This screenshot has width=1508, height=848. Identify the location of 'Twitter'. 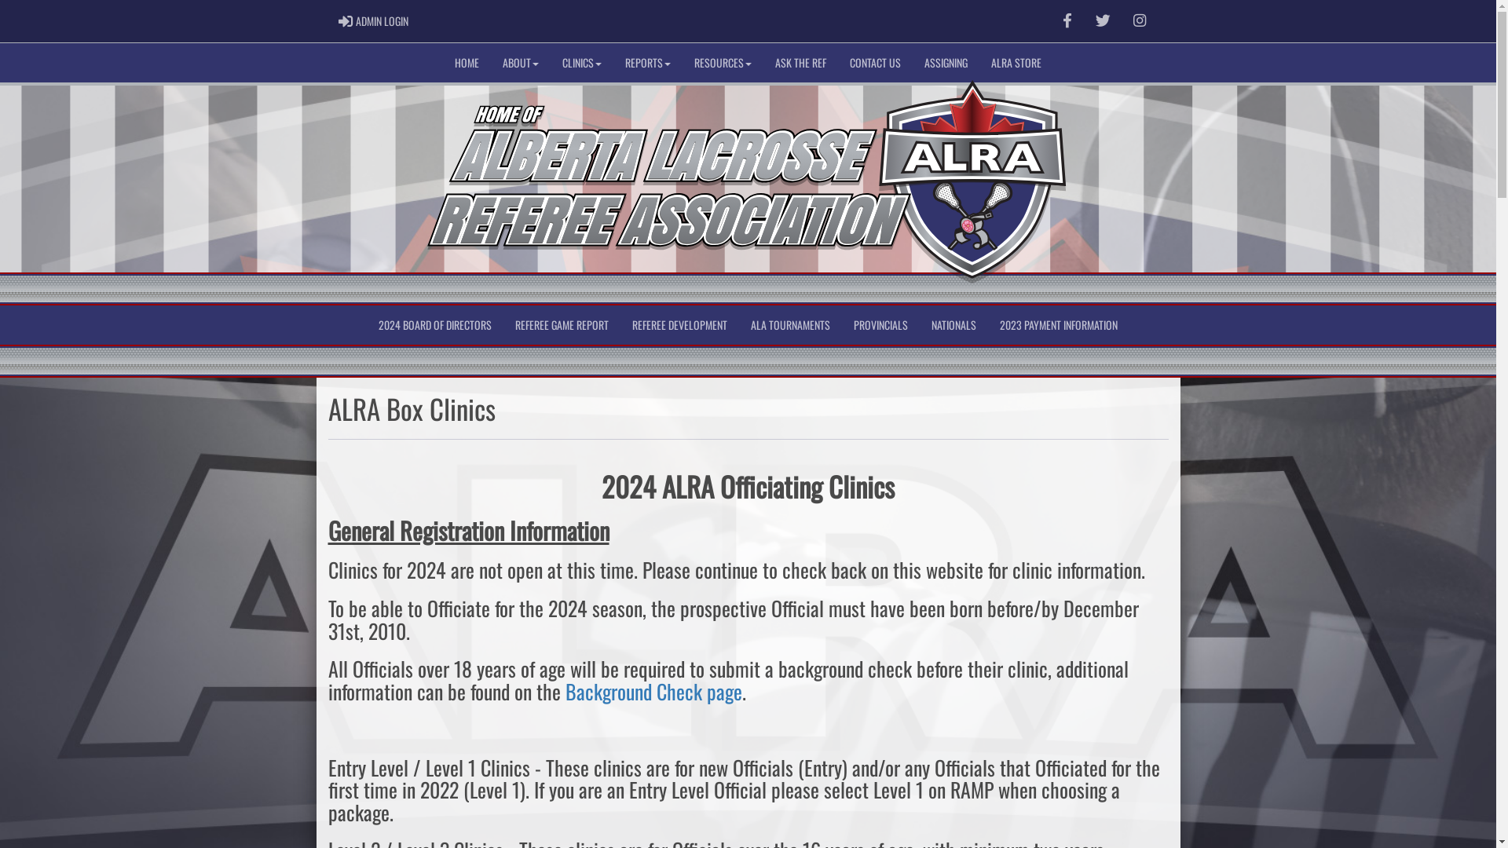
(1085, 21).